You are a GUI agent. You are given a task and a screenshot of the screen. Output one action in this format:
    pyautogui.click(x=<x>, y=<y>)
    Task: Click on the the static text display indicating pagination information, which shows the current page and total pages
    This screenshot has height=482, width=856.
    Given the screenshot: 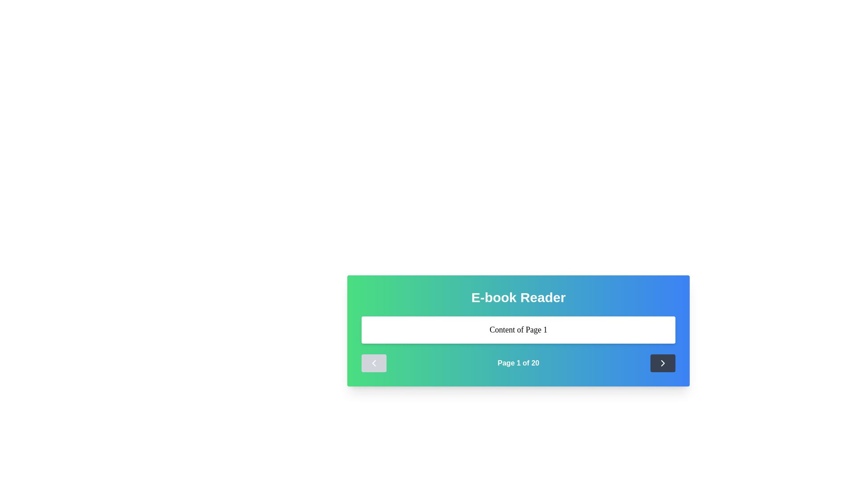 What is the action you would take?
    pyautogui.click(x=518, y=363)
    